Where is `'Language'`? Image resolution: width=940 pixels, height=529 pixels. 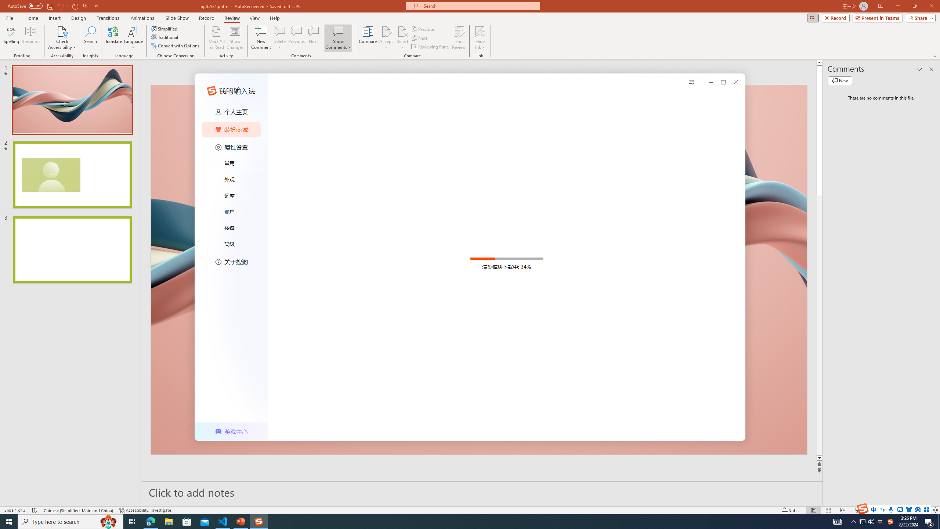 'Language' is located at coordinates (133, 38).